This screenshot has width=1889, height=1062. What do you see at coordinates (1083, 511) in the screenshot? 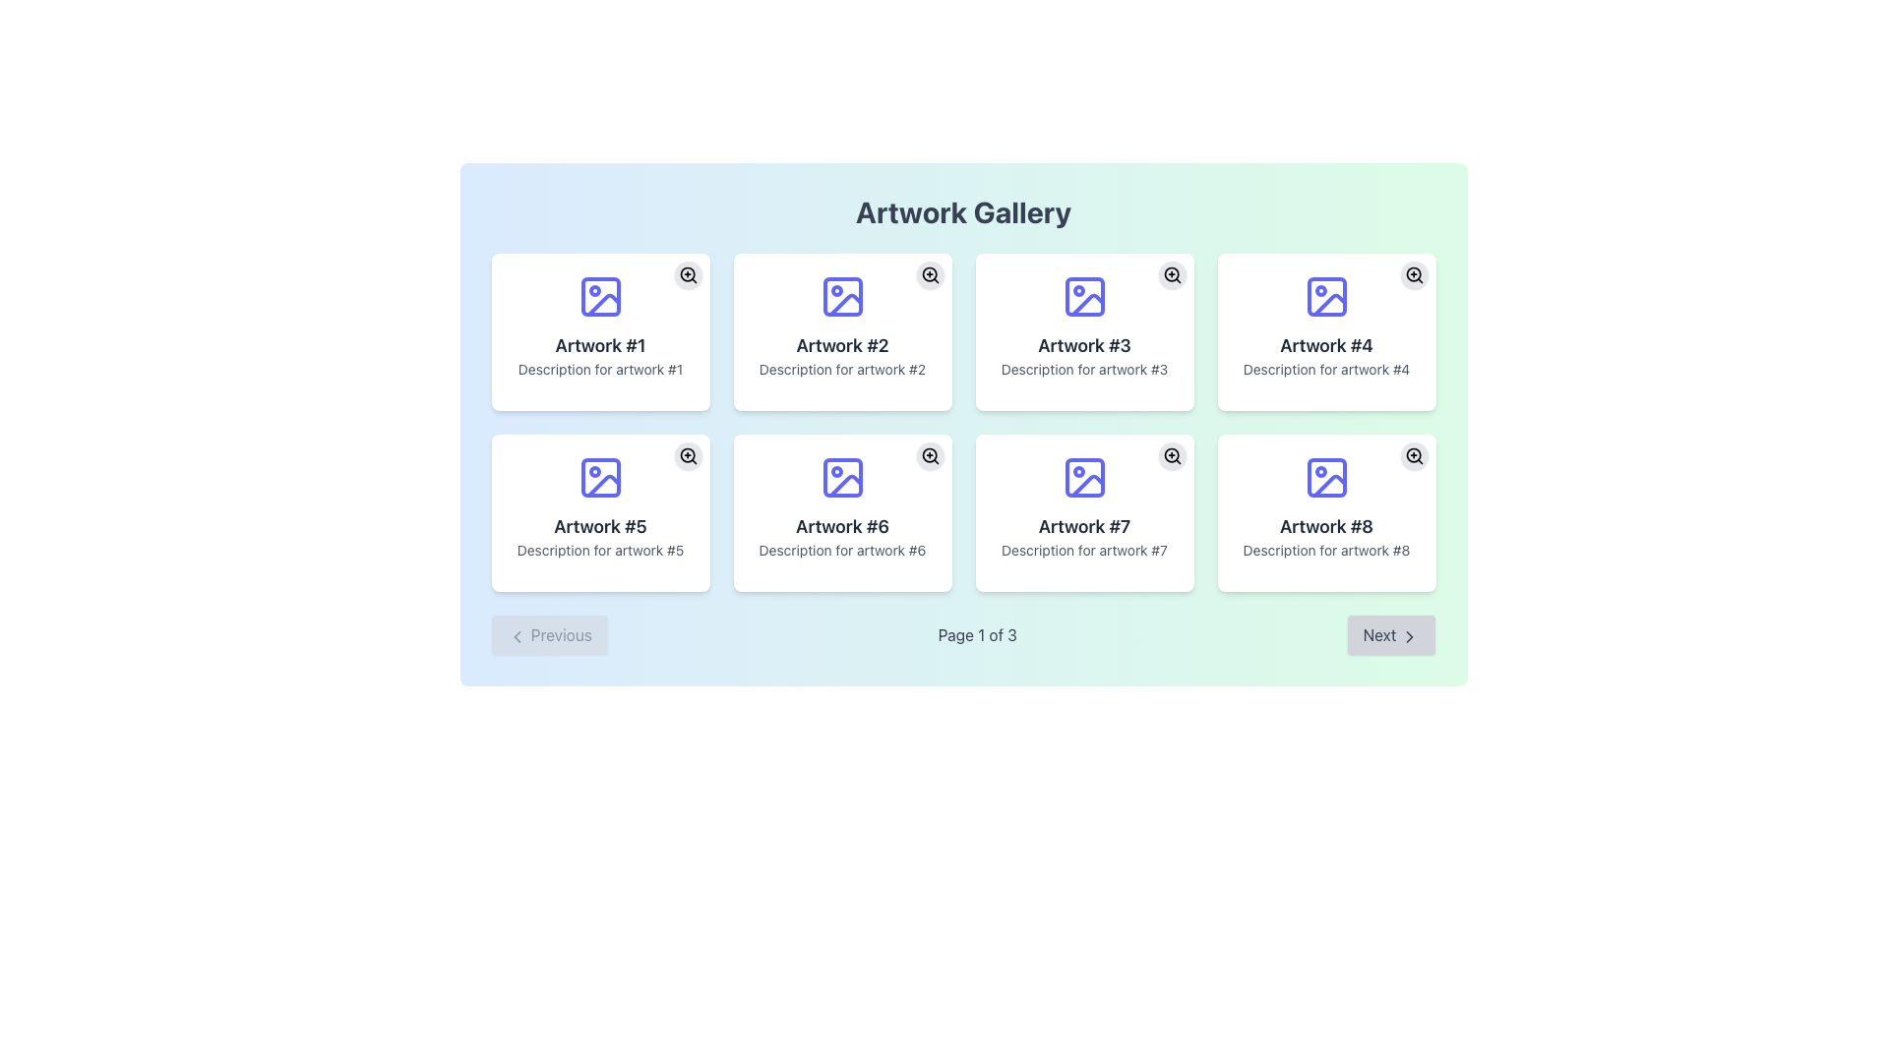
I see `the Static Content Card that displays an artwork preview located in the third row, first column of a 4-column grid layout` at bounding box center [1083, 511].